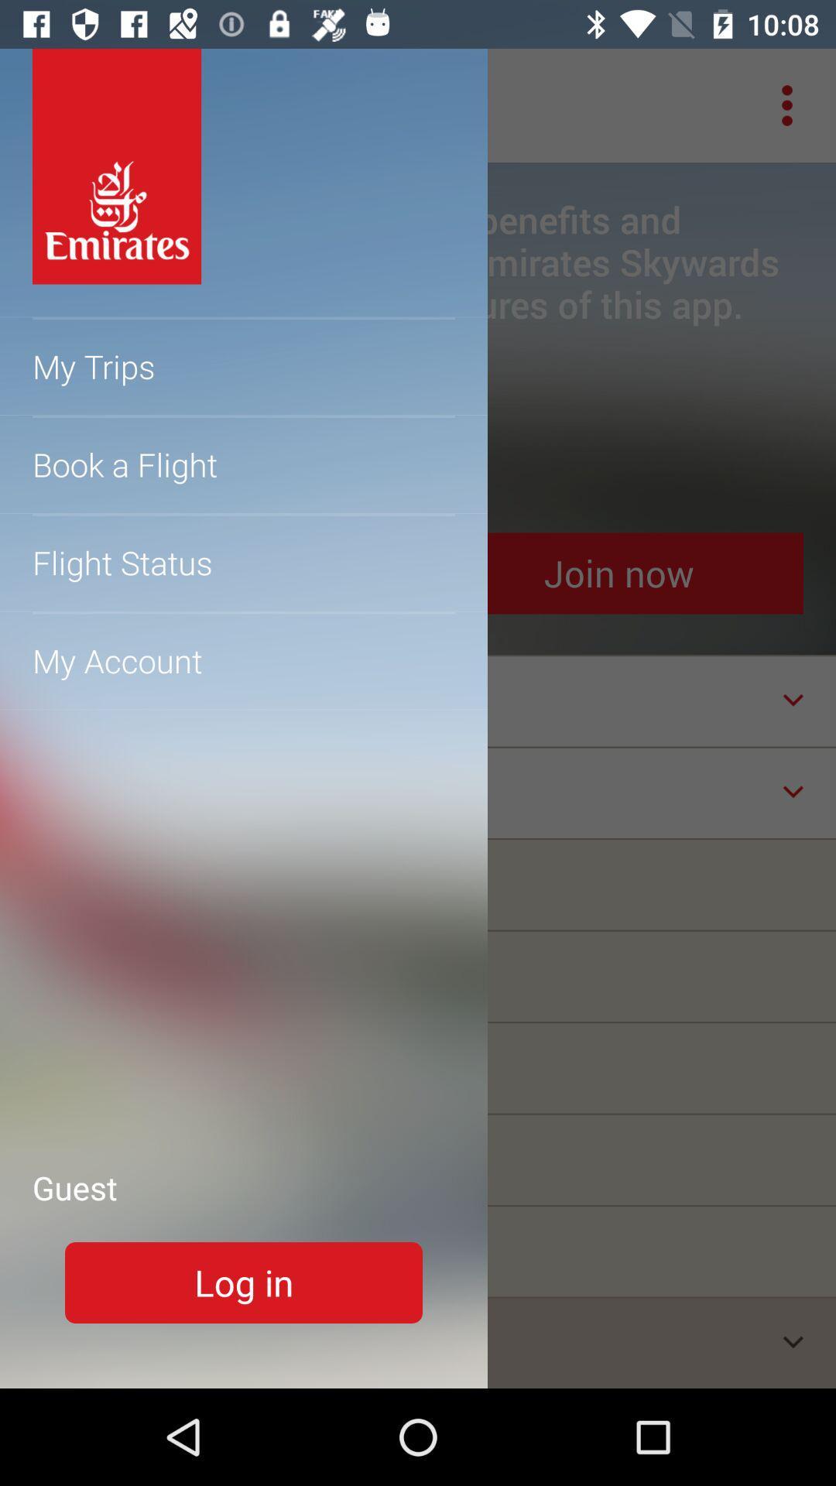 The image size is (836, 1486). I want to click on the expand_more icon, so click(793, 792).